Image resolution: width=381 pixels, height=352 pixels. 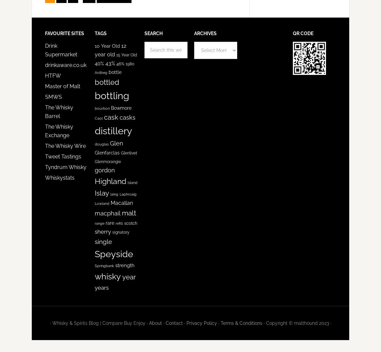 What do you see at coordinates (119, 223) in the screenshot?
I see `'refill'` at bounding box center [119, 223].